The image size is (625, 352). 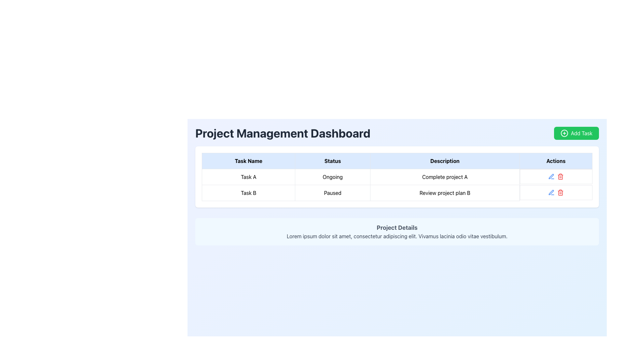 What do you see at coordinates (248, 177) in the screenshot?
I see `the label element that identifies the task named 'Task A' located in the first row of the data table under the 'Task Name' column` at bounding box center [248, 177].